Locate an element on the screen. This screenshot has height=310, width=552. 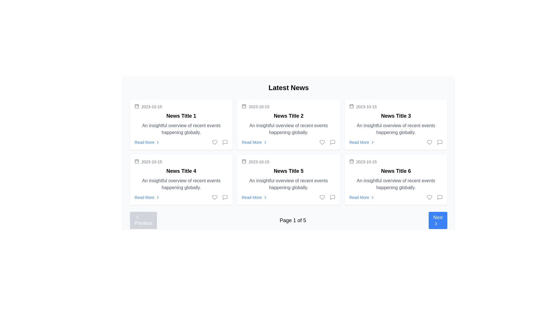
the decorative part of the calendar icon located at the top-left of the 'News Title 3' card is located at coordinates (351, 106).